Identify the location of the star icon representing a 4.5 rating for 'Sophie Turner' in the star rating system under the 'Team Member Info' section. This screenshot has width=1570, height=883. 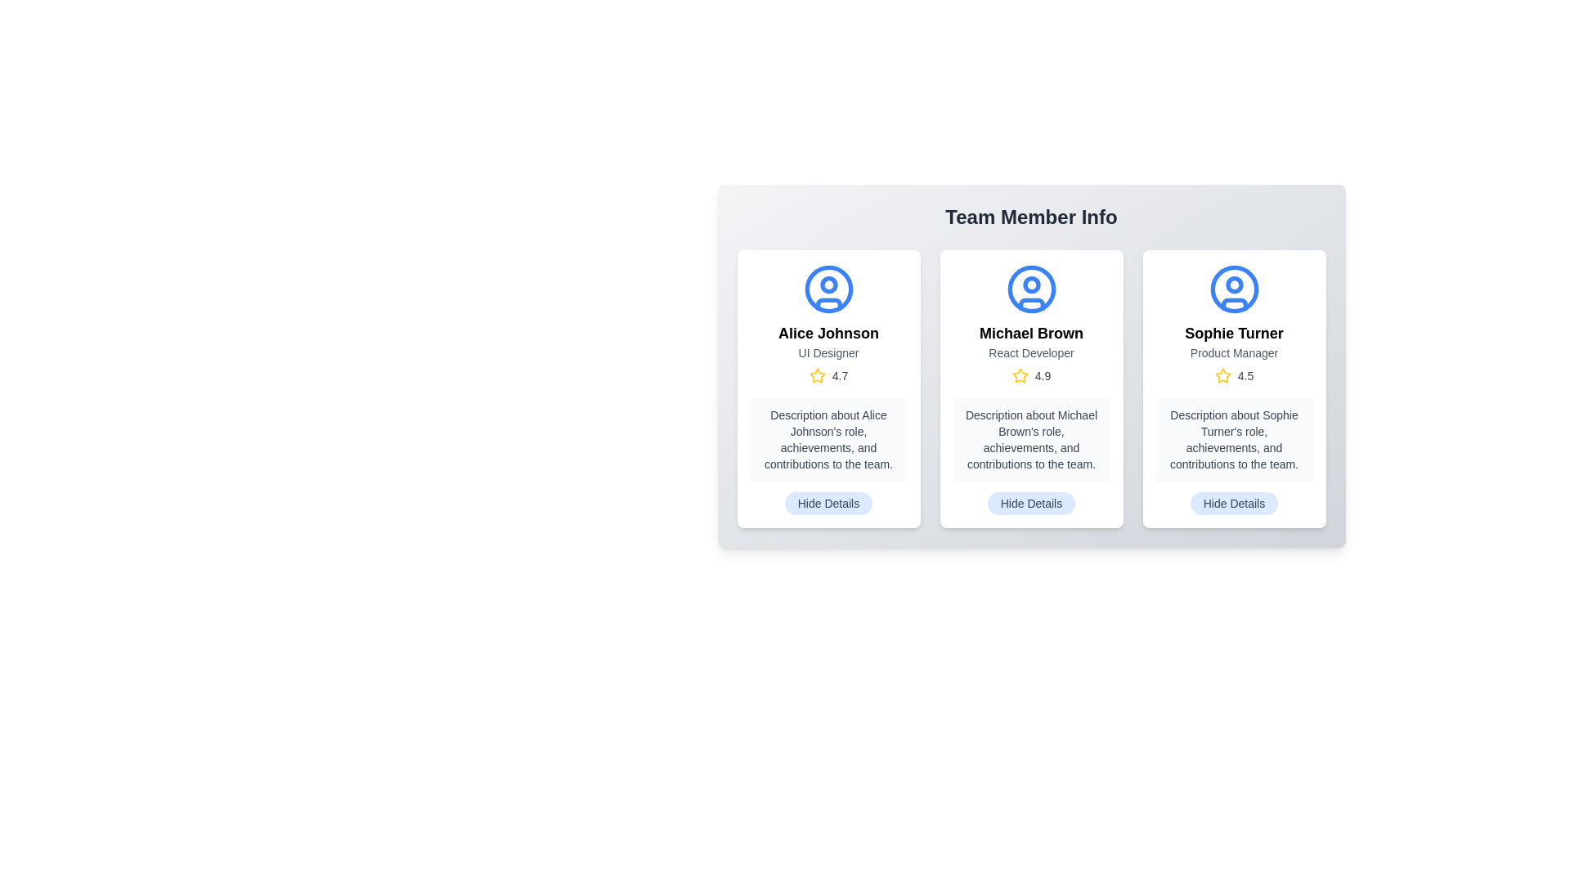
(1222, 375).